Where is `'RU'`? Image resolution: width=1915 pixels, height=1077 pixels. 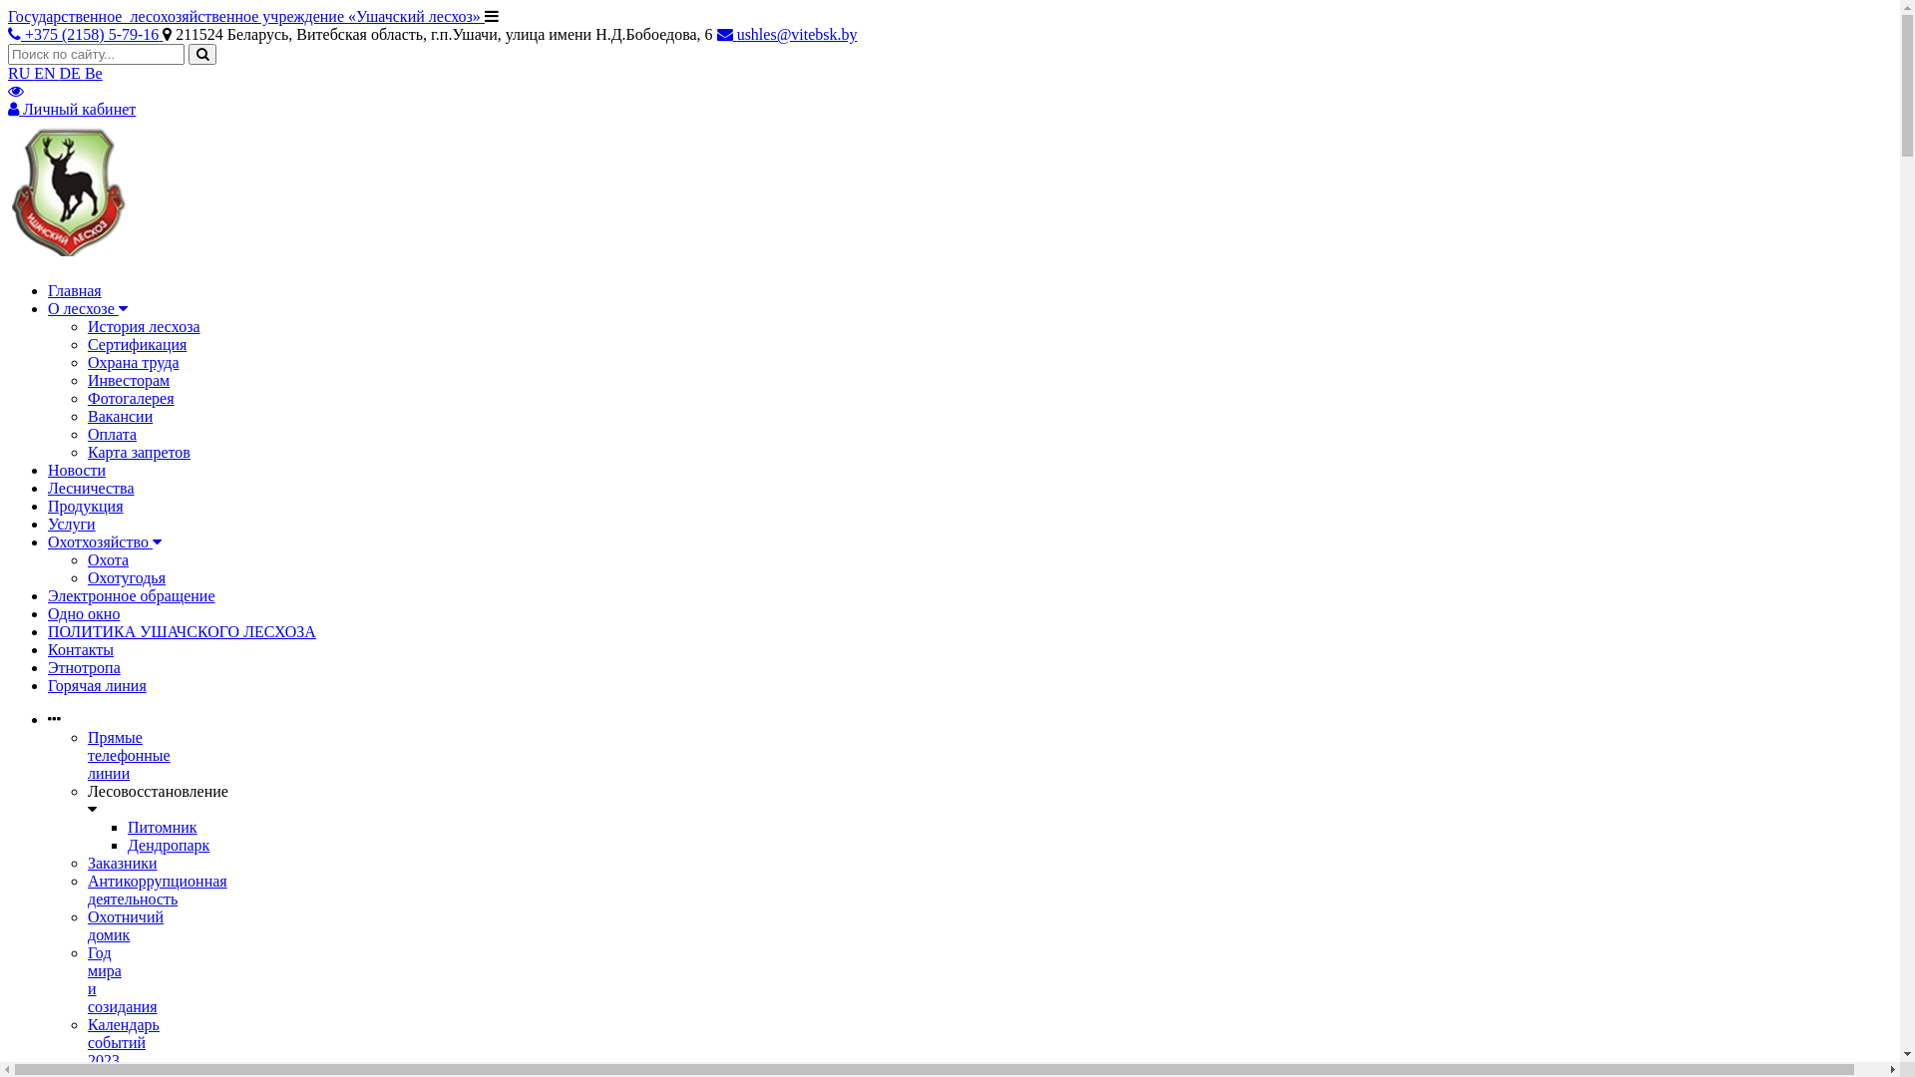 'RU' is located at coordinates (20, 72).